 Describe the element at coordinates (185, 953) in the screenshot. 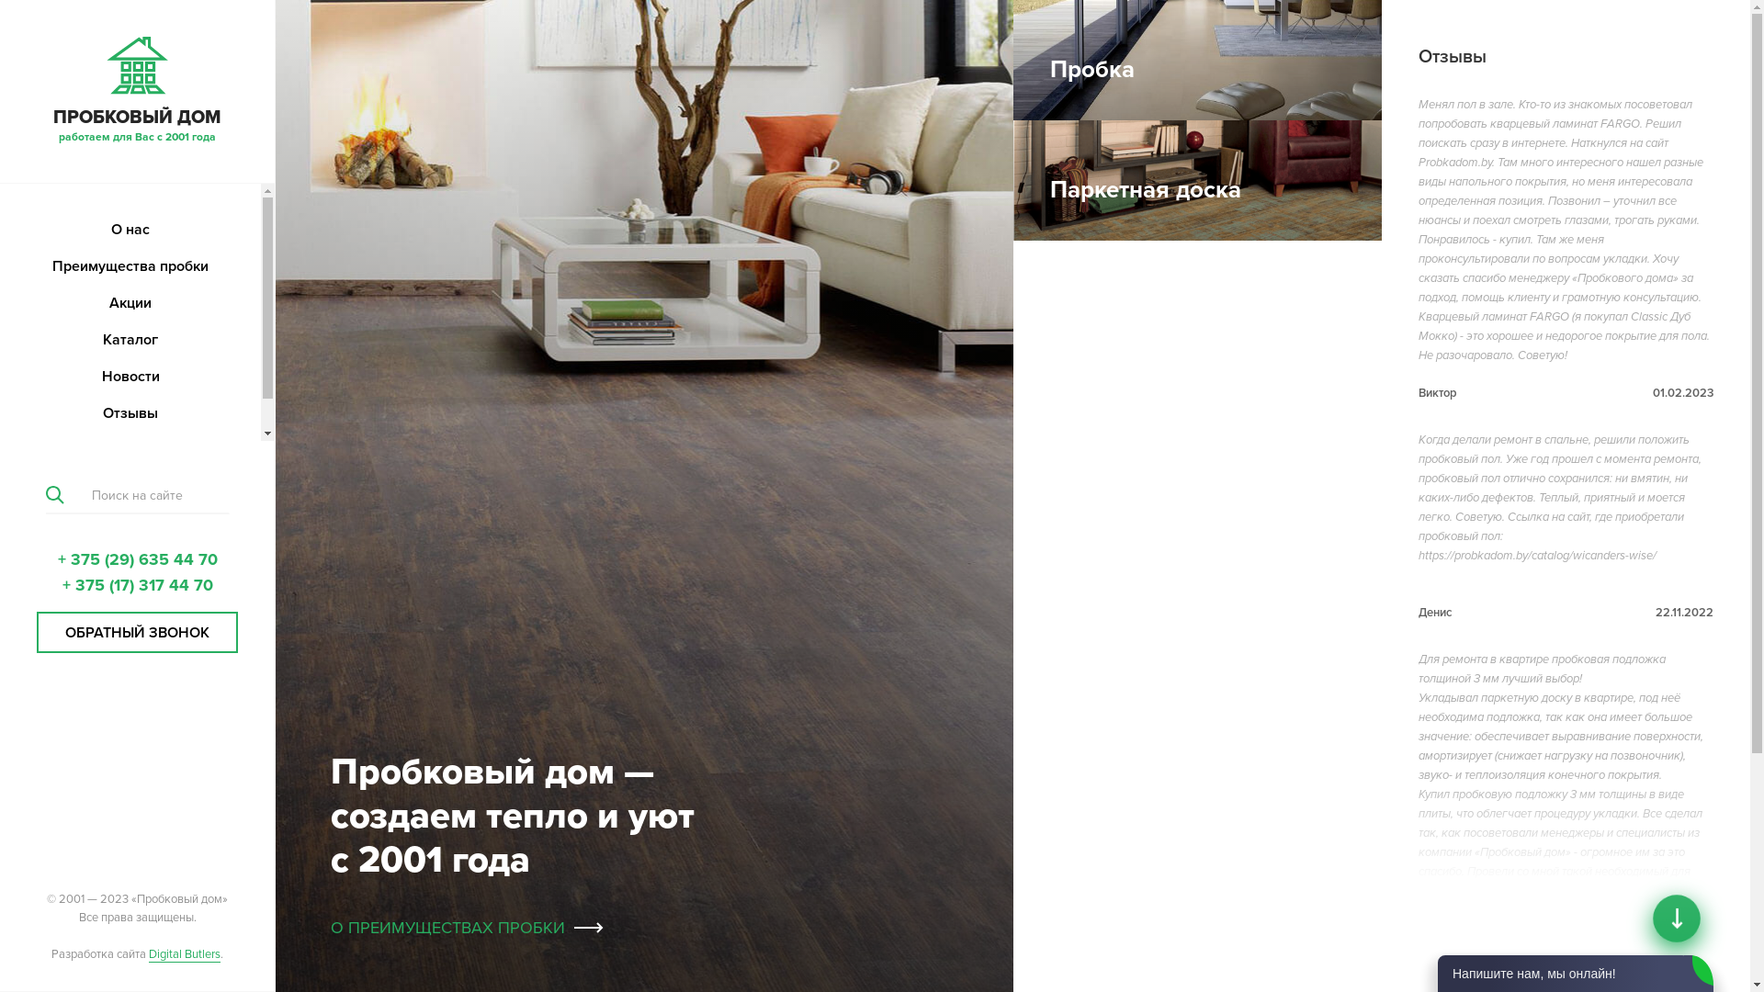

I see `'Digital Butlers'` at that location.